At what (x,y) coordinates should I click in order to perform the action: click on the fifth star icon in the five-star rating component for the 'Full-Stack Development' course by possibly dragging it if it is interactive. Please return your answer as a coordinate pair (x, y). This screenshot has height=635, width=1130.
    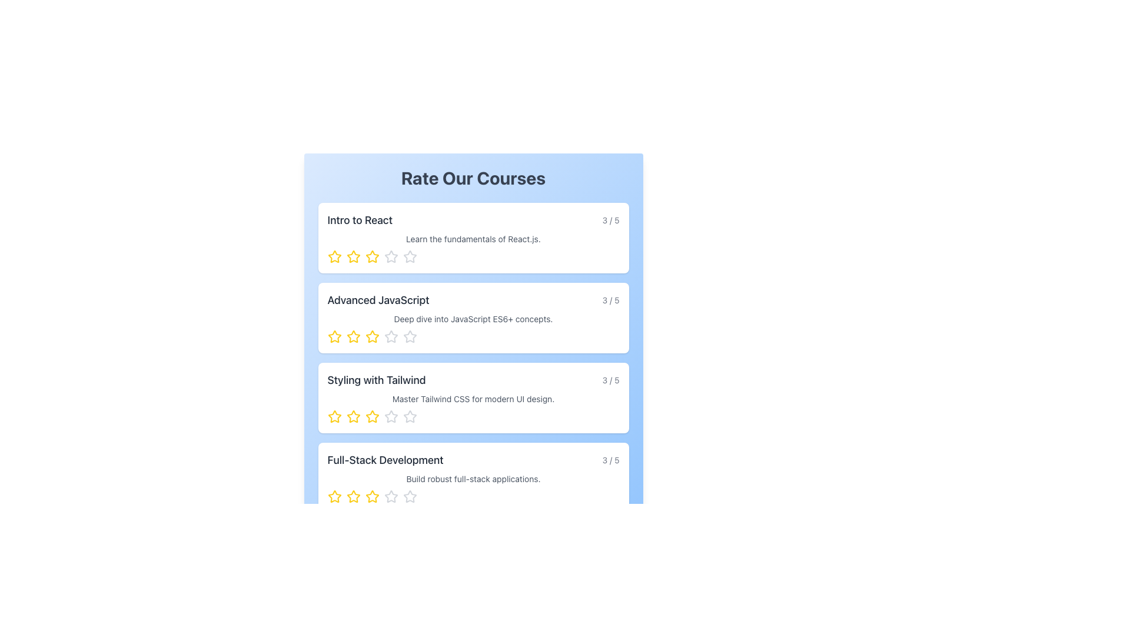
    Looking at the image, I should click on (410, 496).